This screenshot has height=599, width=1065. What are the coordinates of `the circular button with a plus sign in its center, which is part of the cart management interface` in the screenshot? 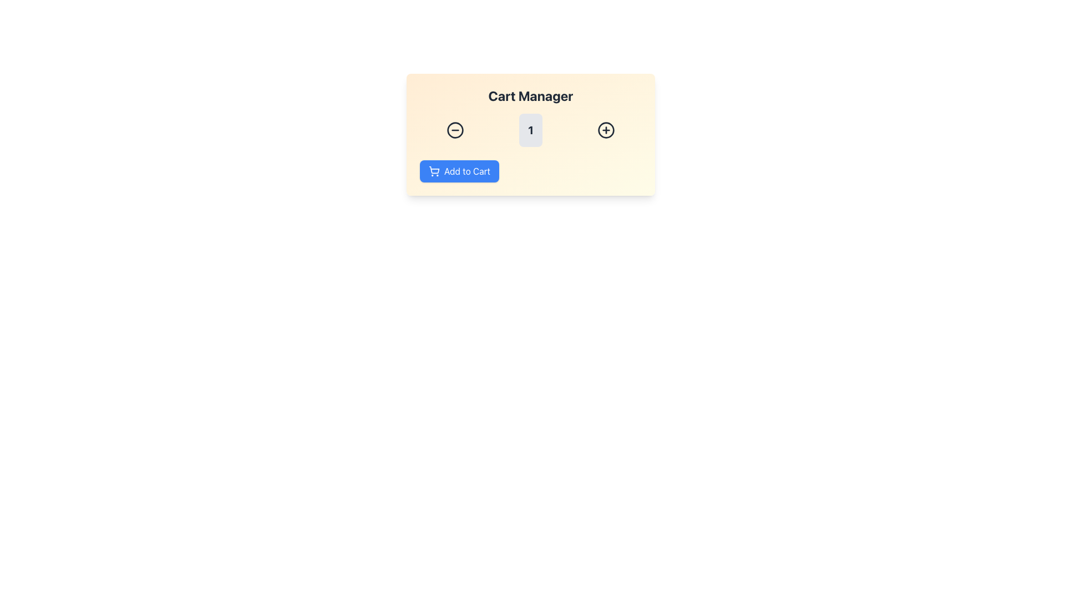 It's located at (606, 130).